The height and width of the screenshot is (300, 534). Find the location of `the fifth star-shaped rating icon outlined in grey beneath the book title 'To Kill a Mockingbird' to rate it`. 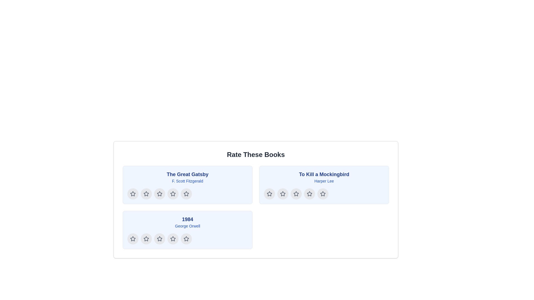

the fifth star-shaped rating icon outlined in grey beneath the book title 'To Kill a Mockingbird' to rate it is located at coordinates (323, 193).